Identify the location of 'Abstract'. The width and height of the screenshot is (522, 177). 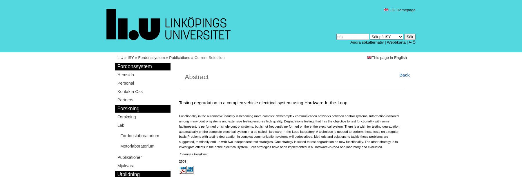
(196, 77).